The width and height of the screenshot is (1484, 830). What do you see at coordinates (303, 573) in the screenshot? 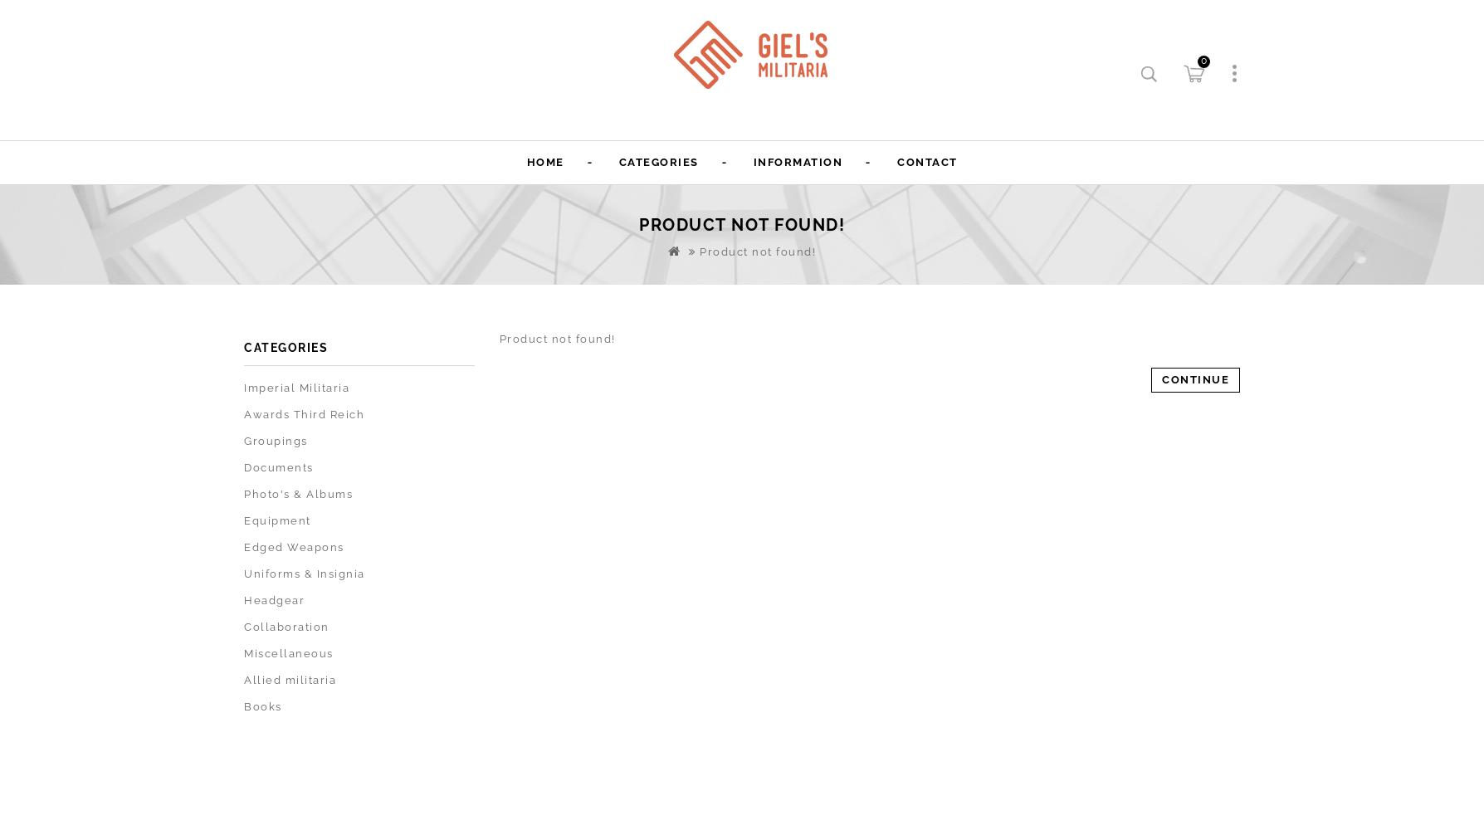
I see `'Uniforms & Insignia'` at bounding box center [303, 573].